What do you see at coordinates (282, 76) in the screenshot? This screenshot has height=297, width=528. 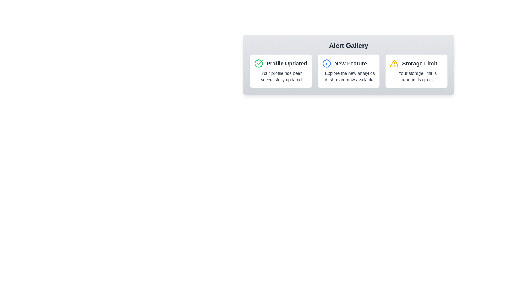 I see `informational message displayed in the 'Profile Updated' card, located beneath the title and aligned to the left` at bounding box center [282, 76].